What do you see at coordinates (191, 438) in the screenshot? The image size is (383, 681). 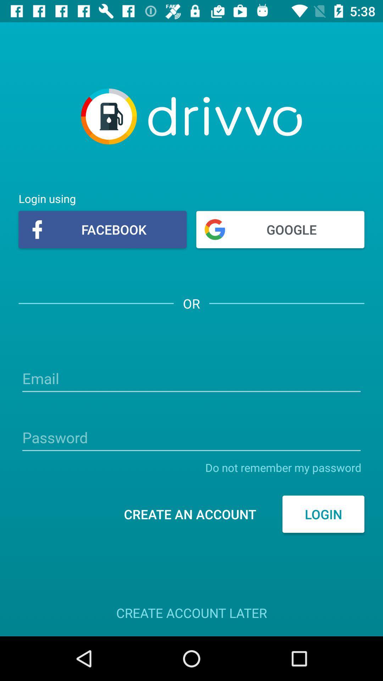 I see `password input` at bounding box center [191, 438].